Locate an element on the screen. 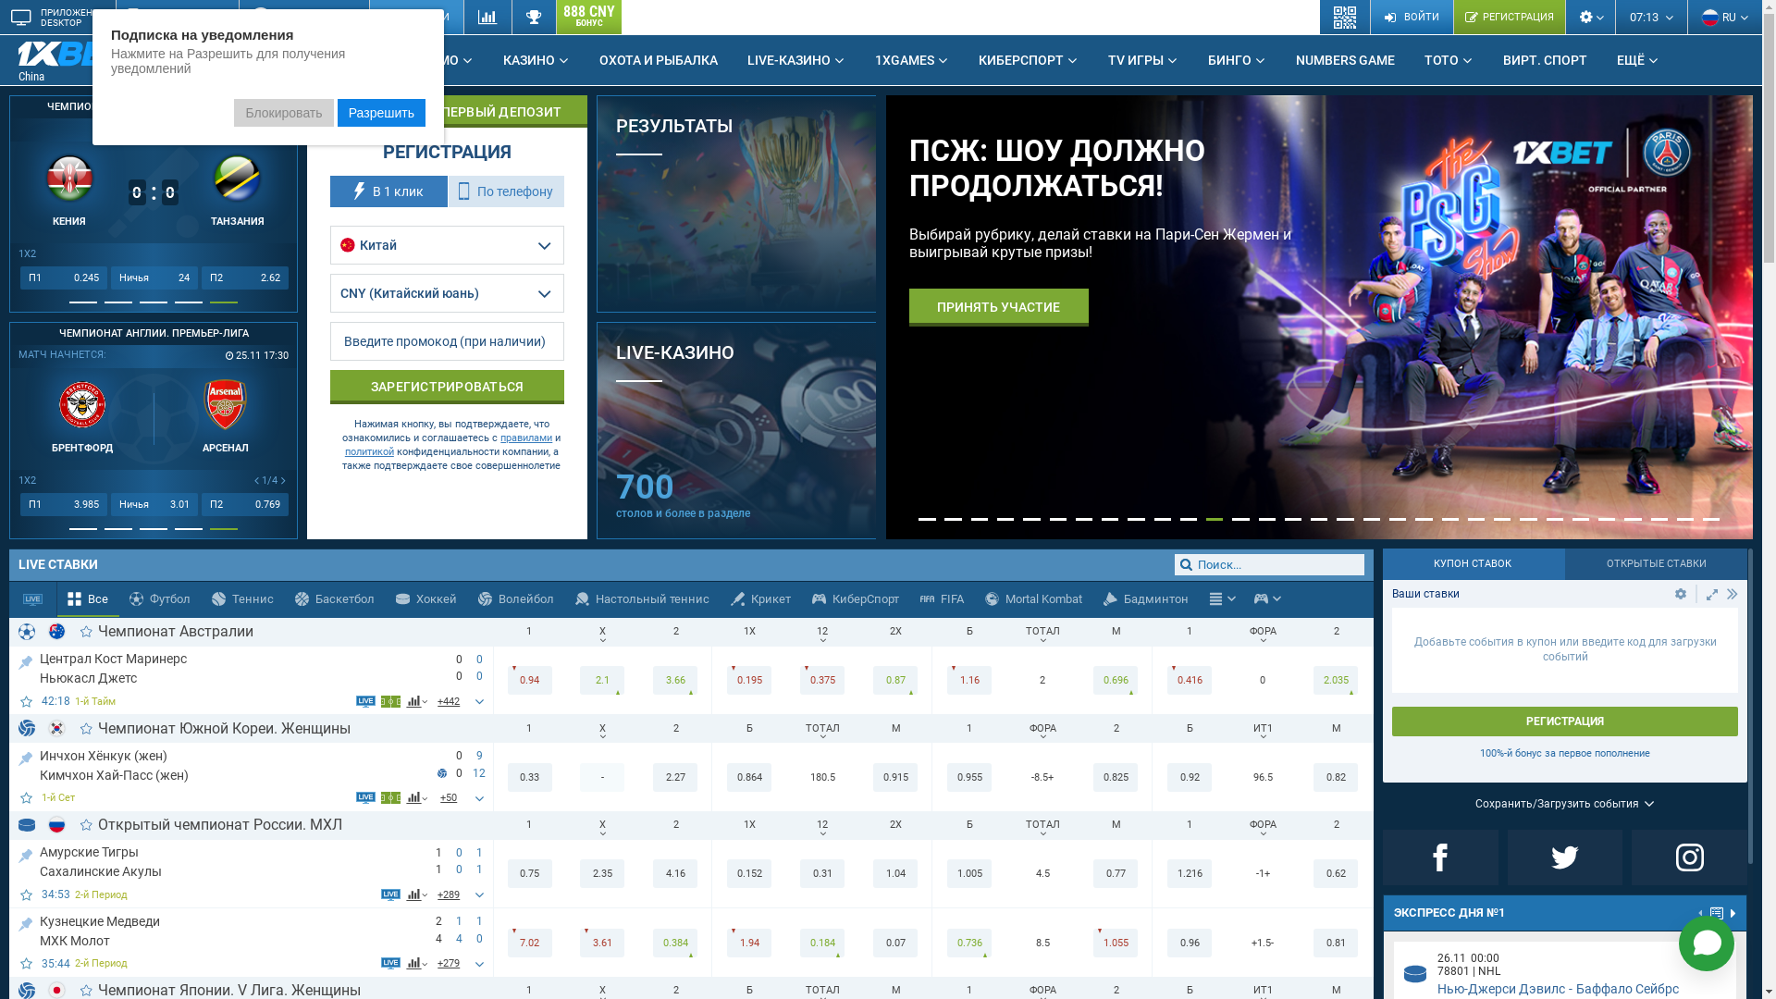  'FIFA' is located at coordinates (909, 599).